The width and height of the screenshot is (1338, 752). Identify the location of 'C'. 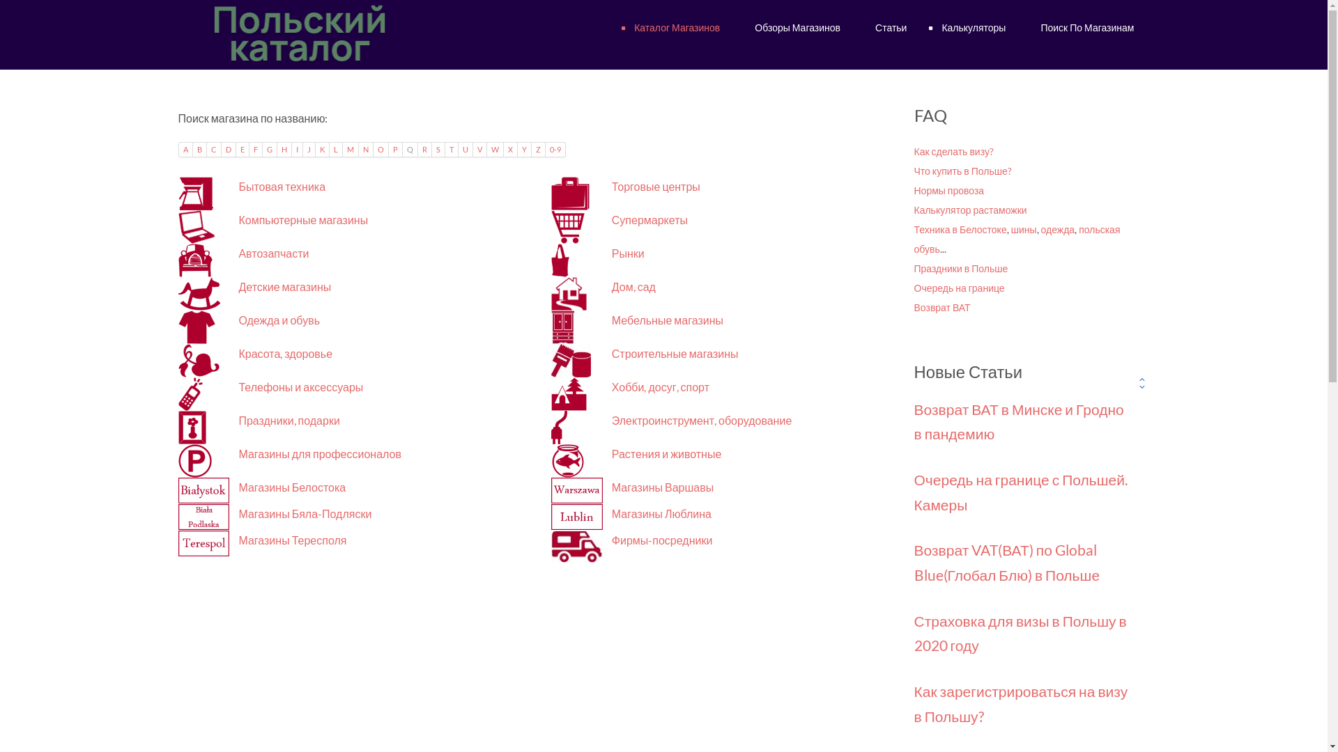
(213, 150).